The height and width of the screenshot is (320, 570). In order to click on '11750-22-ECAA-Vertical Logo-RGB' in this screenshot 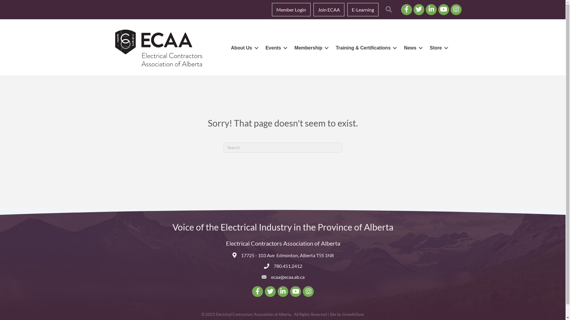, I will do `click(115, 47)`.